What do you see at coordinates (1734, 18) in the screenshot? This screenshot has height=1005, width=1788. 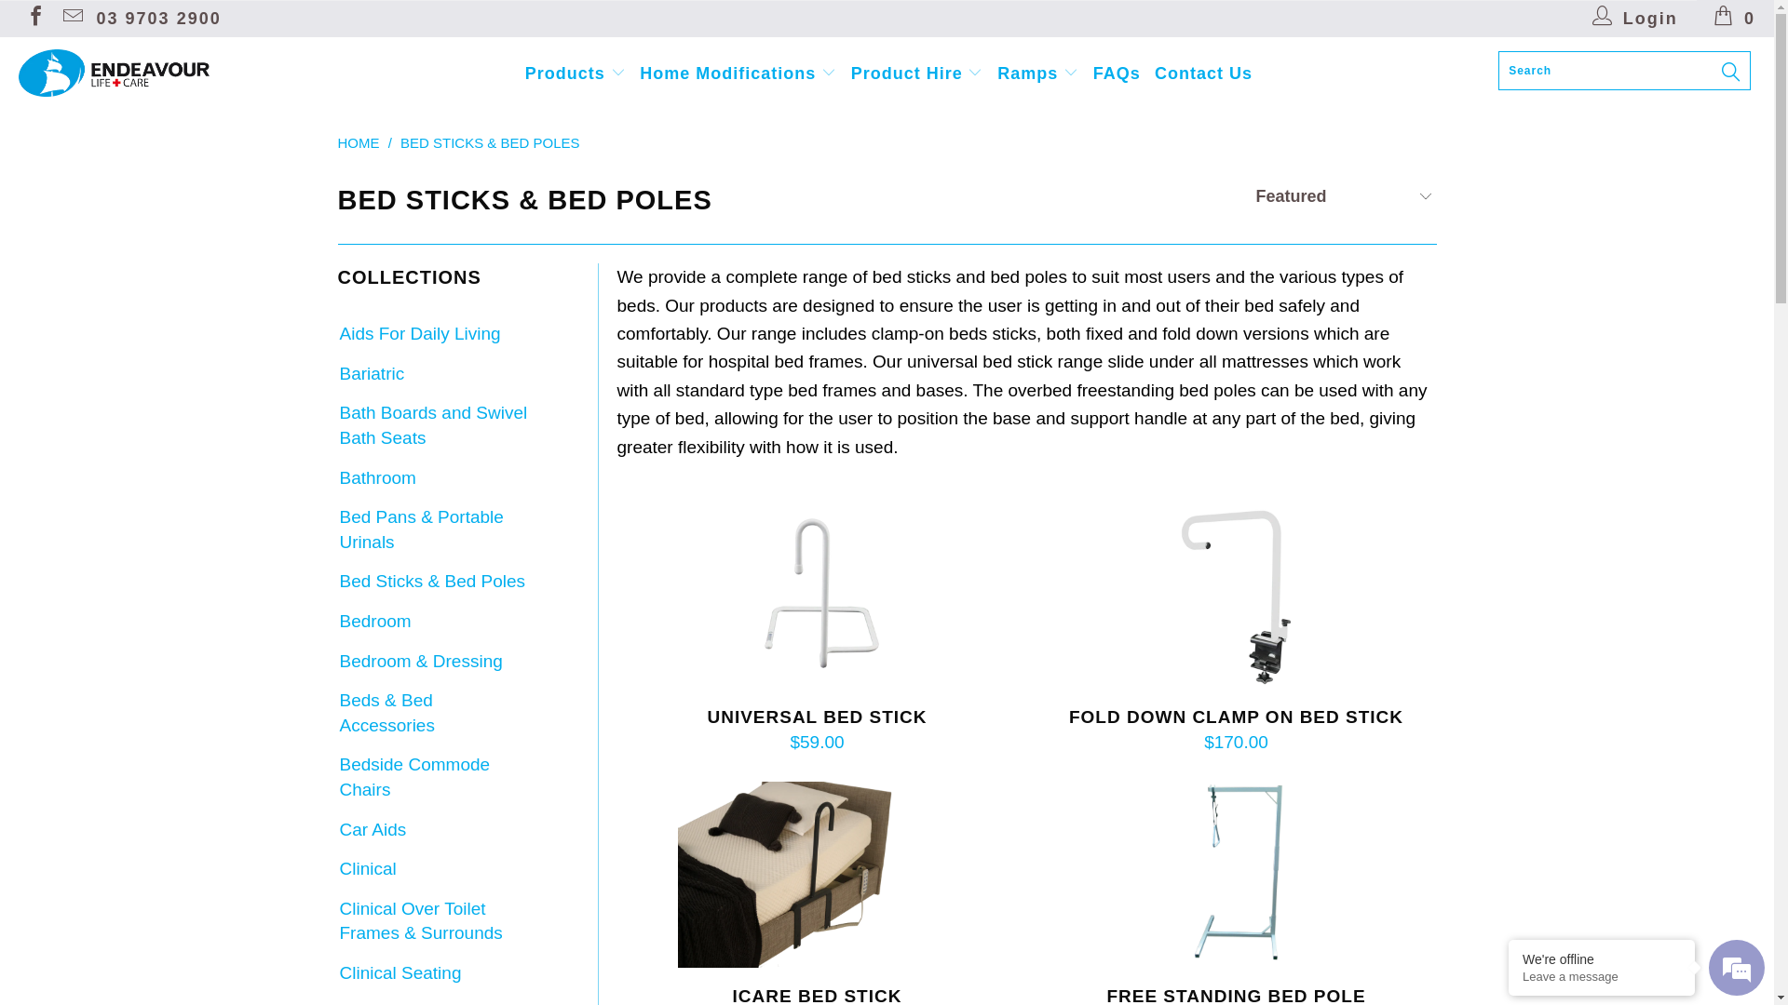 I see `'0'` at bounding box center [1734, 18].